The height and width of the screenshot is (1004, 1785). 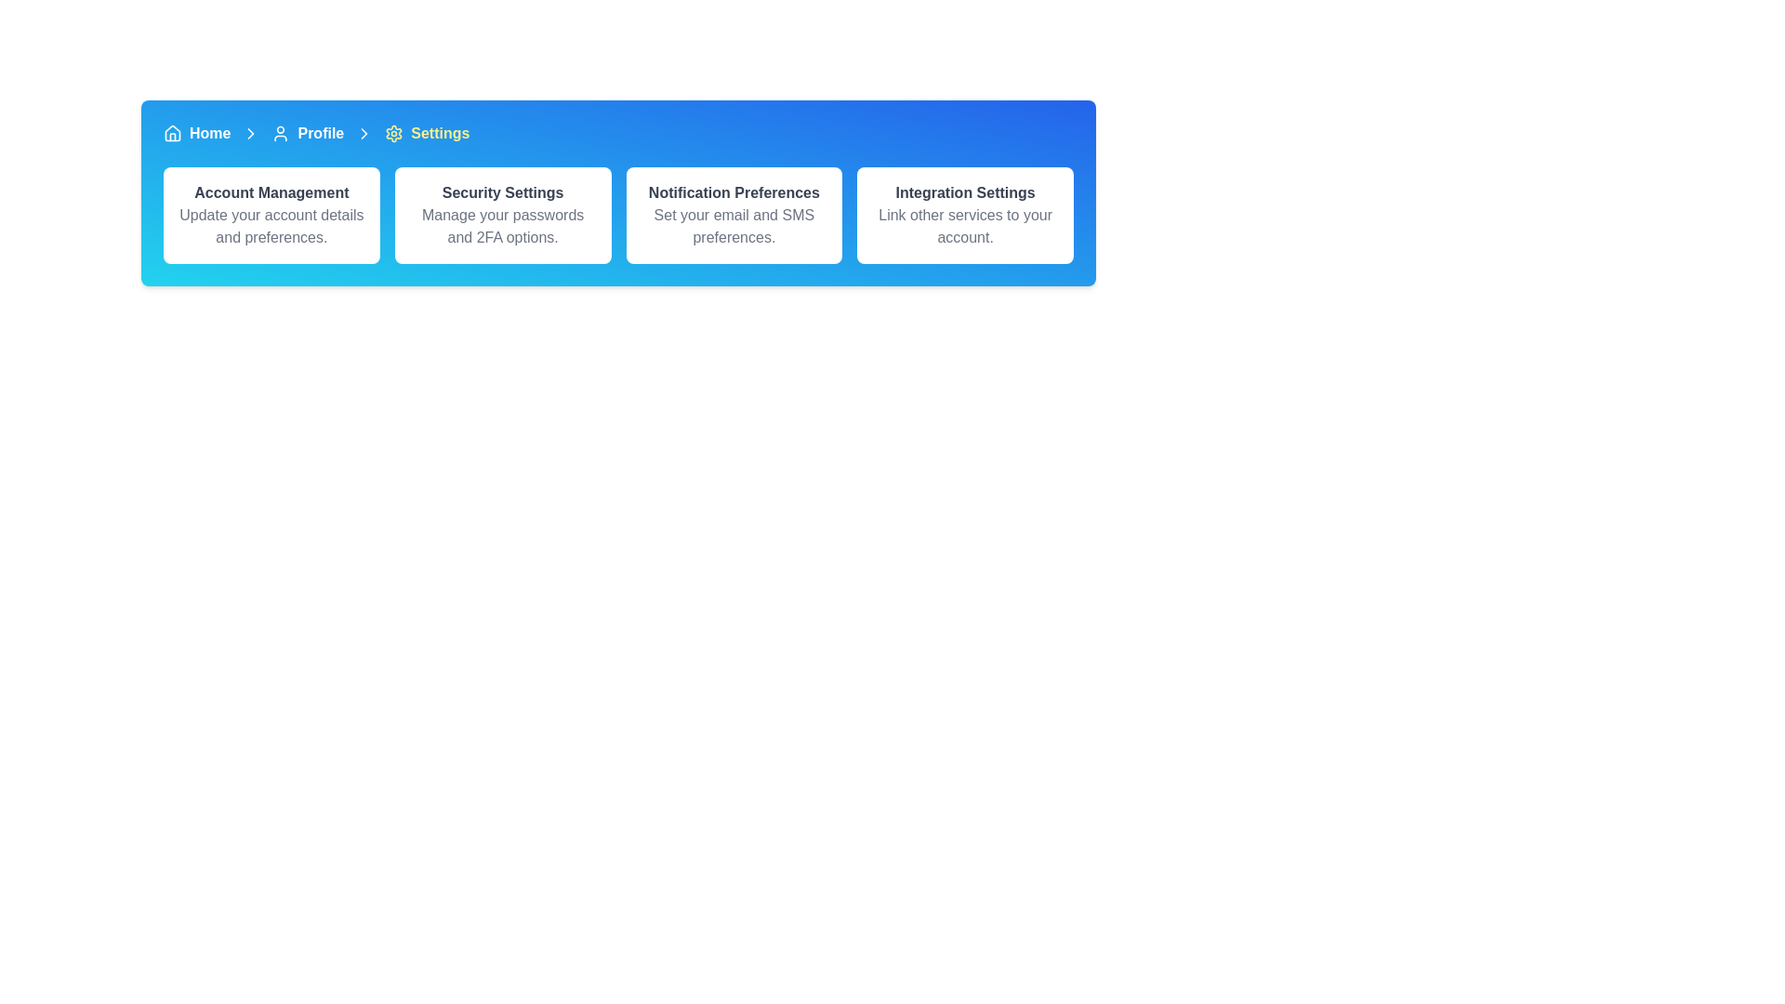 I want to click on text label displaying 'Notification Preferences' which is bold and in dark gray, located in the first line of a white card within a blue background layout, so click(x=733, y=193).